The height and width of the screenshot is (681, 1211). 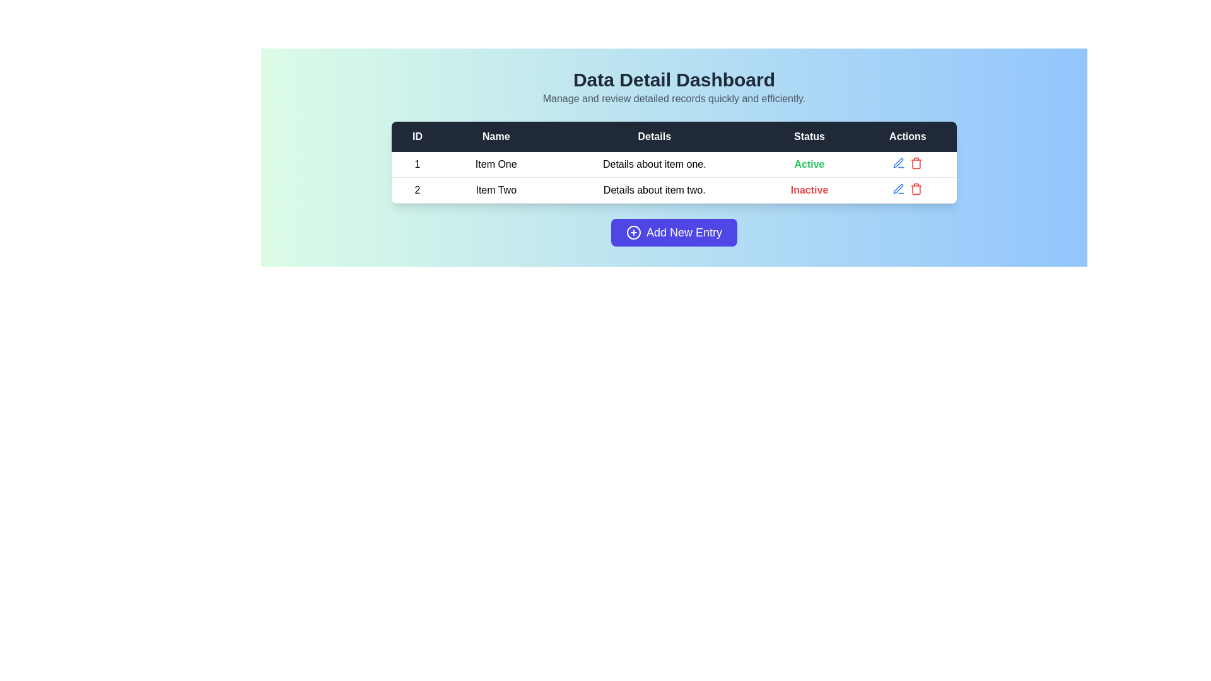 What do you see at coordinates (674, 164) in the screenshot?
I see `the first row of the table to read the detailed information presented in the row` at bounding box center [674, 164].